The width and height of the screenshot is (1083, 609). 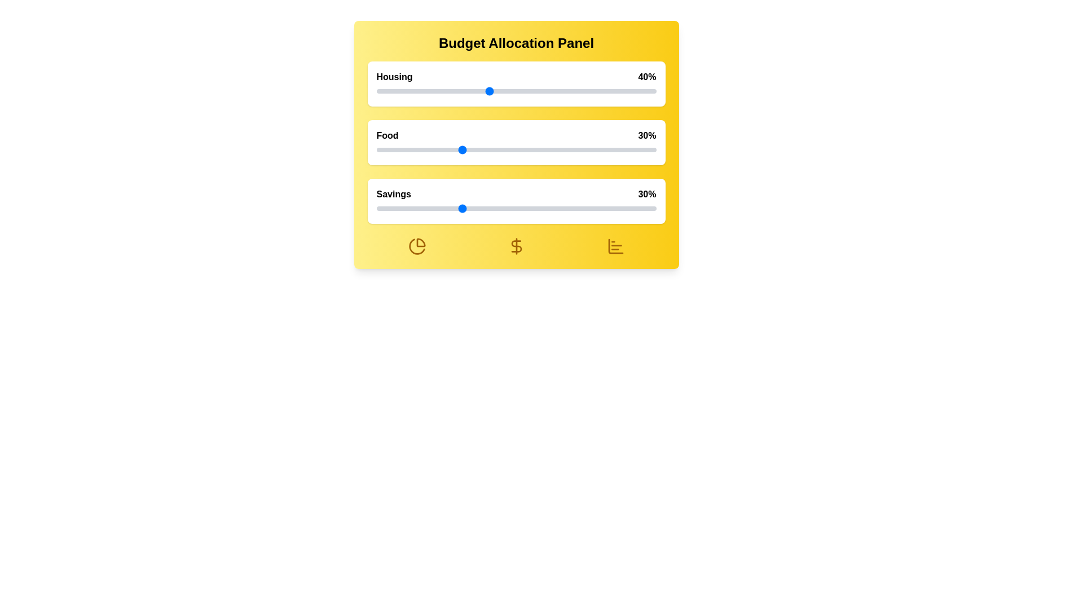 What do you see at coordinates (639, 149) in the screenshot?
I see `the allocation percentage for 'Food'` at bounding box center [639, 149].